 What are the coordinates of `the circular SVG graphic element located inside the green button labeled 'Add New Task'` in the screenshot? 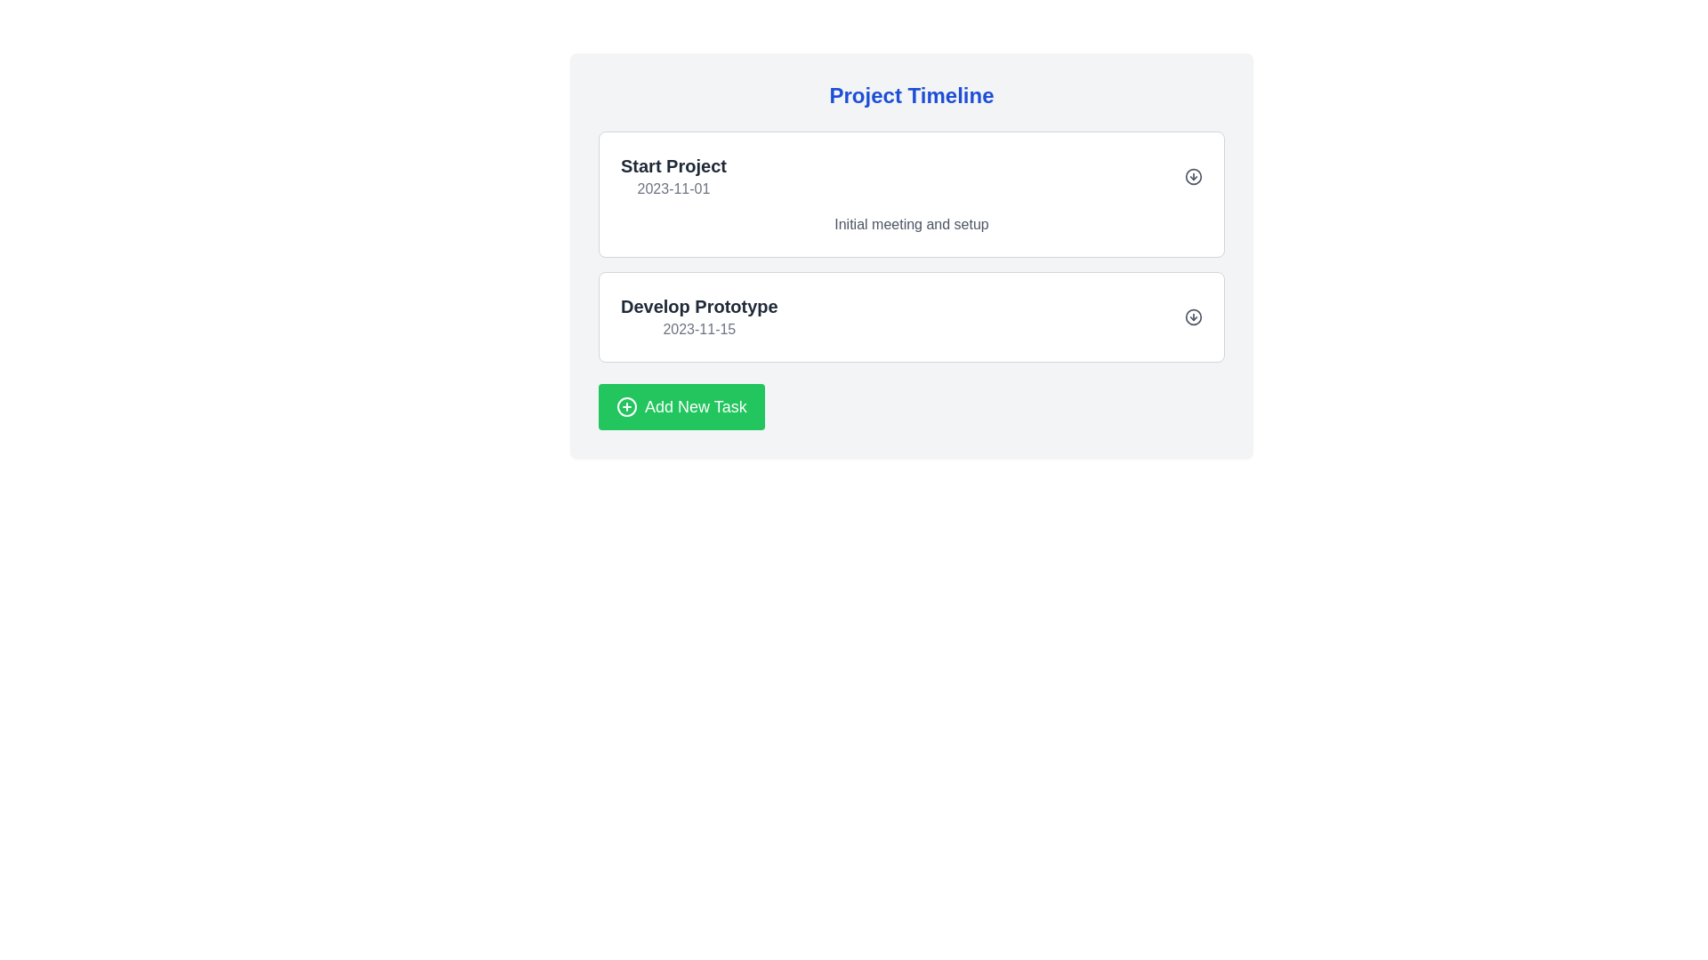 It's located at (627, 407).